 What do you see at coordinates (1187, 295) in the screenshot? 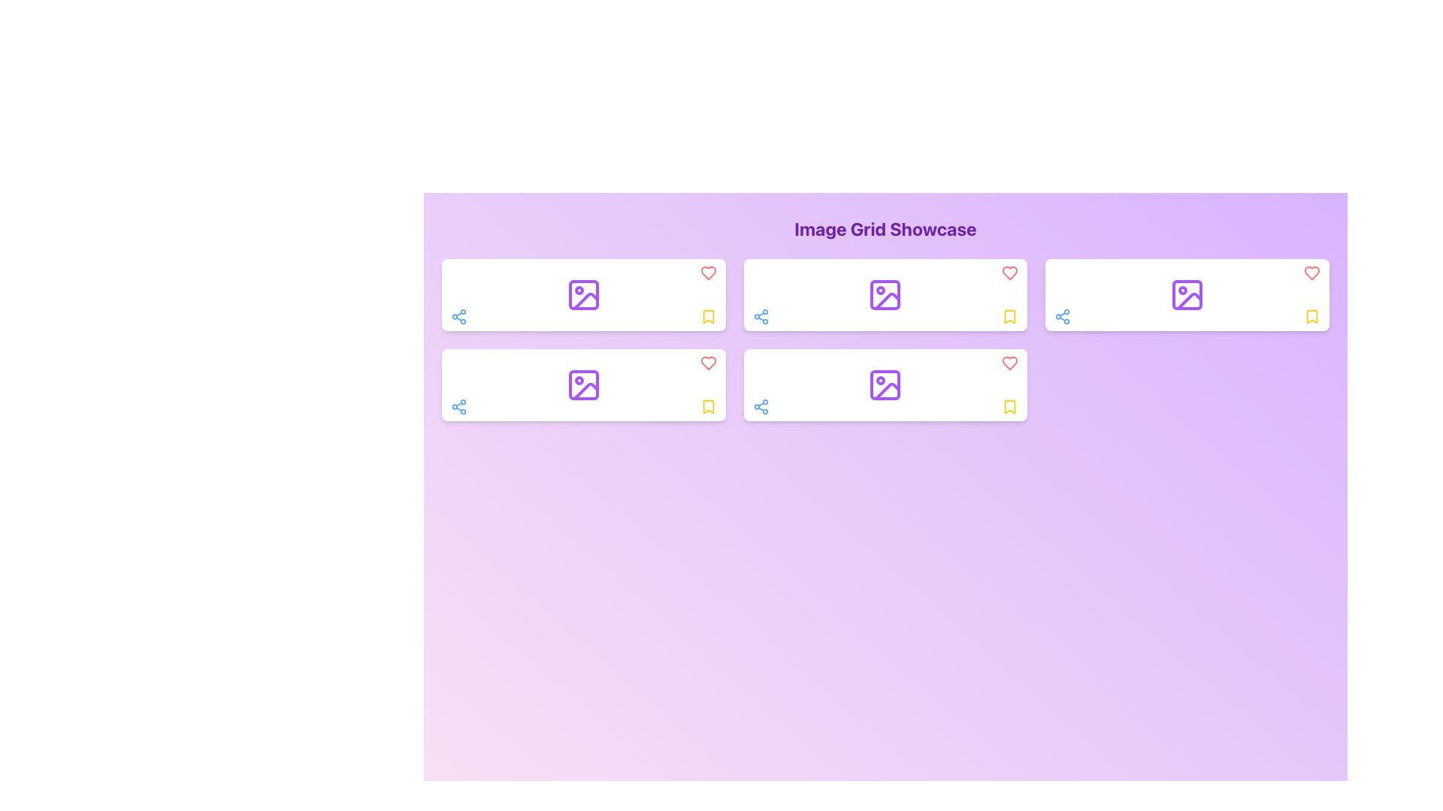
I see `the decorative graphical element that serves as a background or framing for the icon, located in the top-right corner of the fifth card in a grid layout` at bounding box center [1187, 295].